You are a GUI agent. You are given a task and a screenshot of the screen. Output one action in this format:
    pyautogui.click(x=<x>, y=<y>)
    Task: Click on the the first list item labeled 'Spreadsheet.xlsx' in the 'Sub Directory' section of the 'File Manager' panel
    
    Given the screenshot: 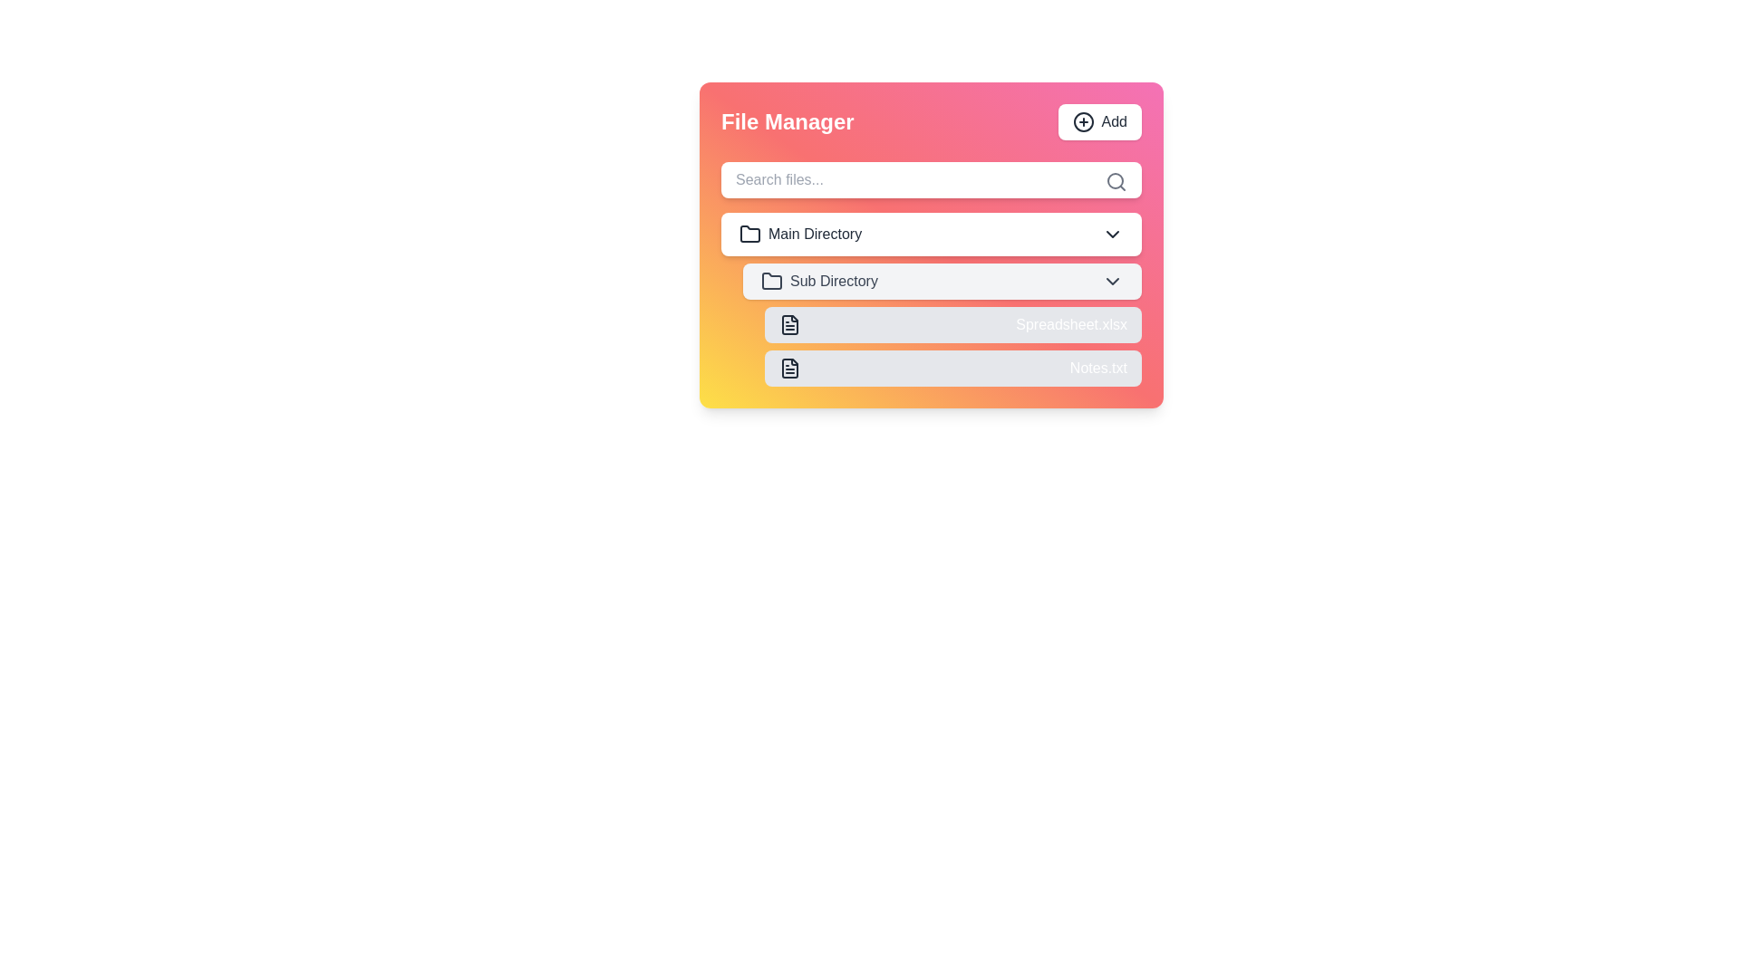 What is the action you would take?
    pyautogui.click(x=942, y=323)
    